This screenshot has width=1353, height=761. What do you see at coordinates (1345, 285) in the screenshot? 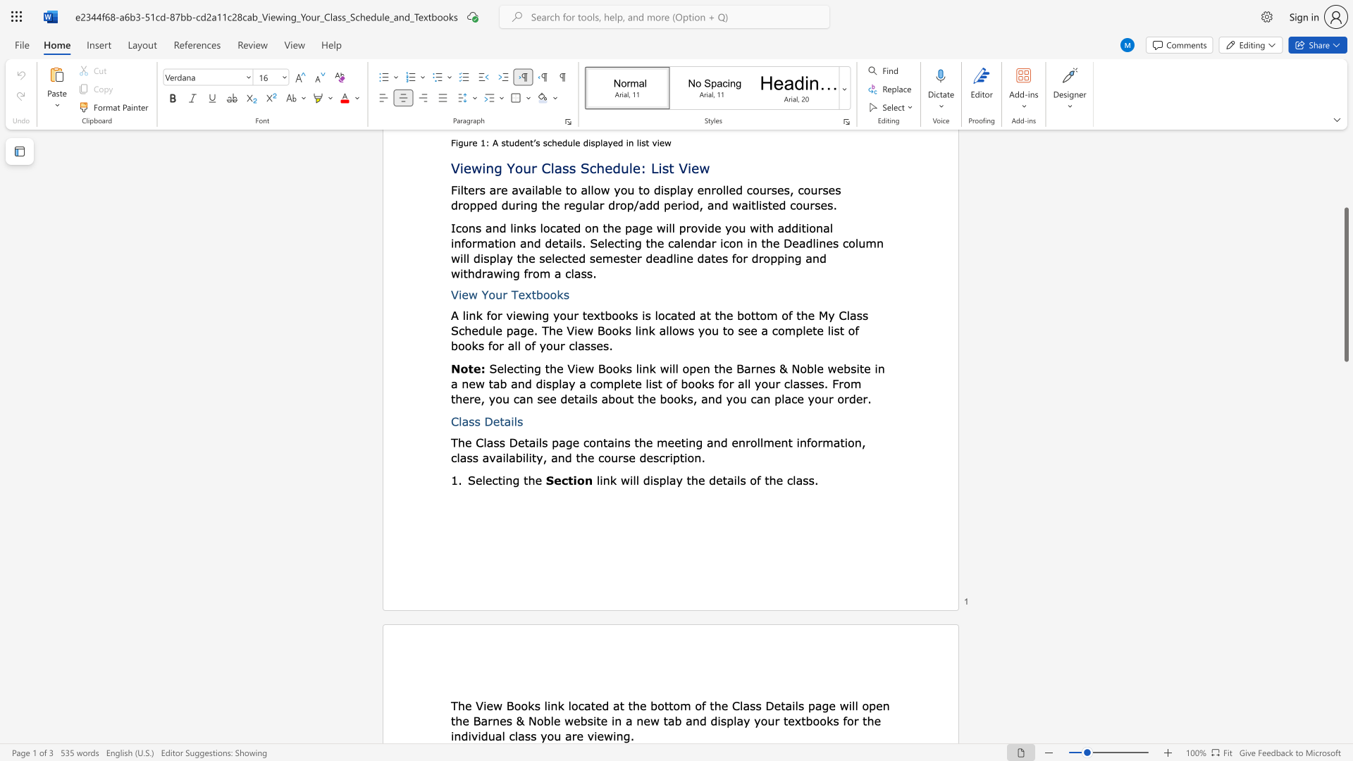
I see `the scrollbar and move up 250 pixels` at bounding box center [1345, 285].